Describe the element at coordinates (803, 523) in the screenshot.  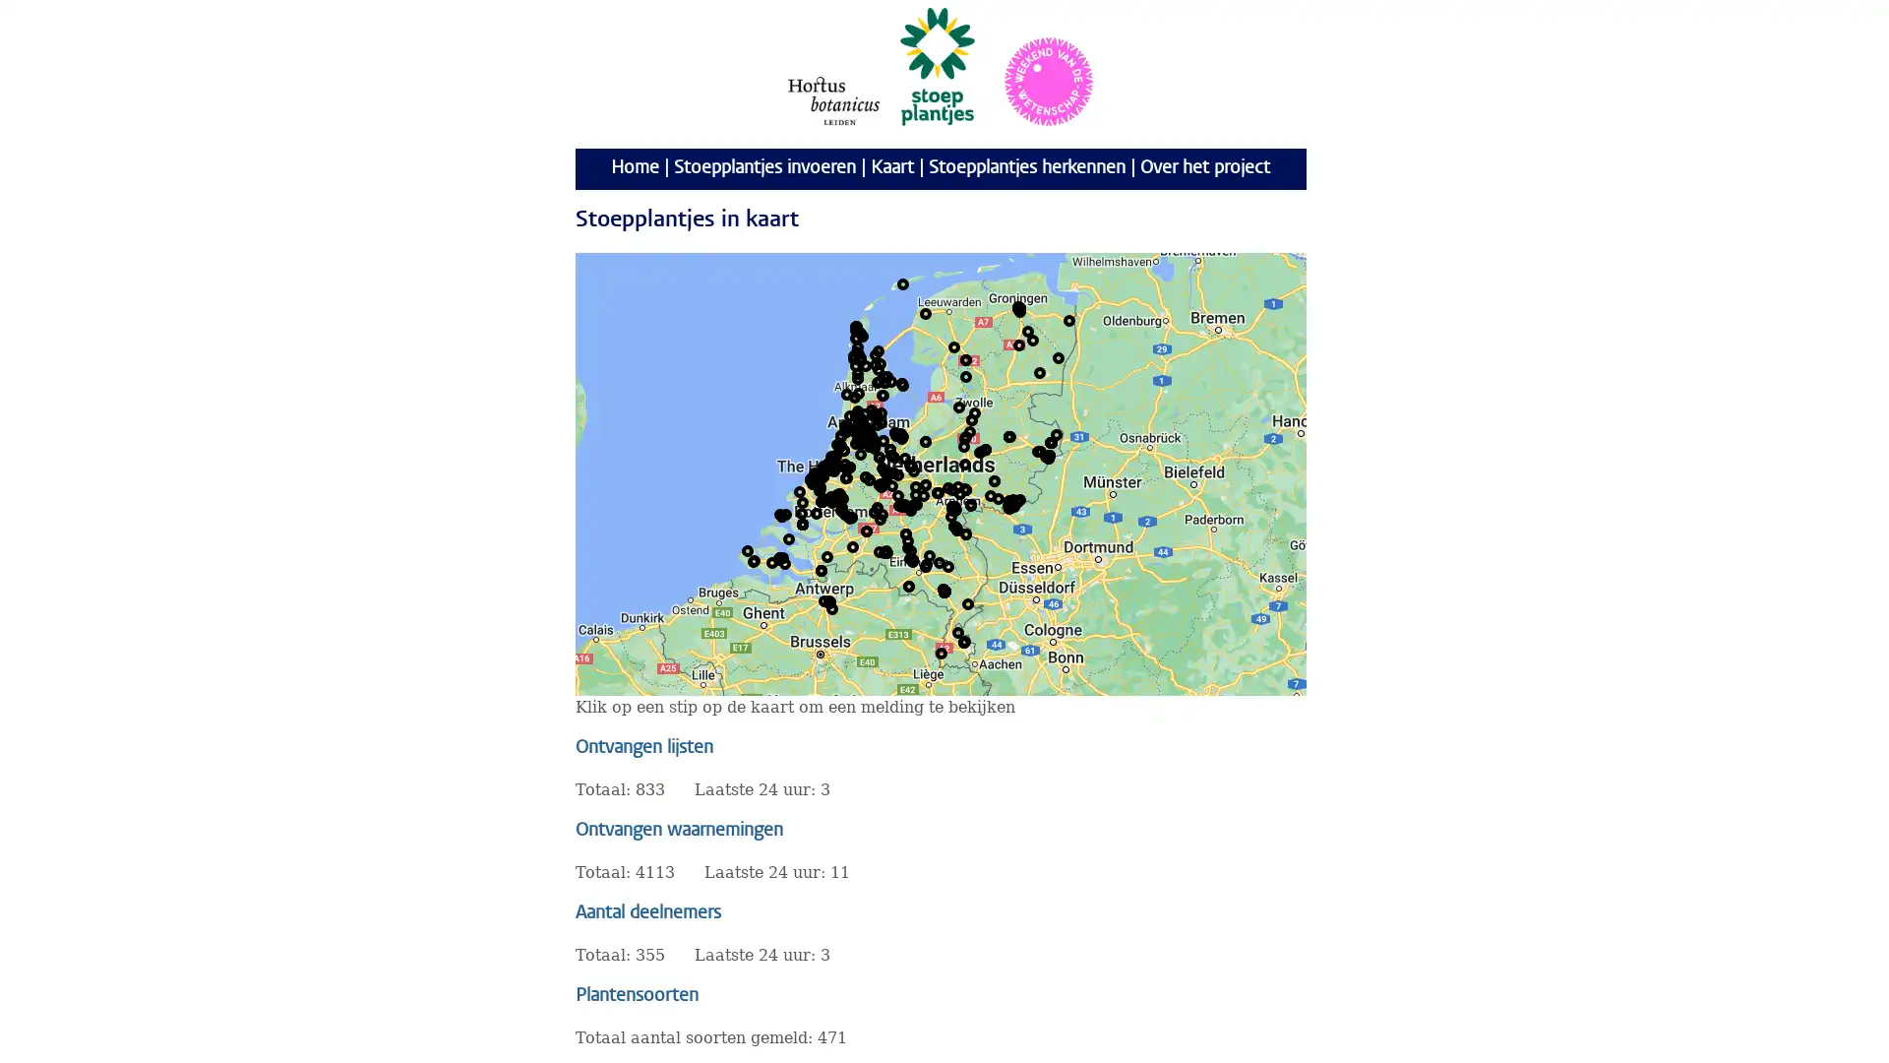
I see `Telling van Danysha op 03 juni 2022` at that location.